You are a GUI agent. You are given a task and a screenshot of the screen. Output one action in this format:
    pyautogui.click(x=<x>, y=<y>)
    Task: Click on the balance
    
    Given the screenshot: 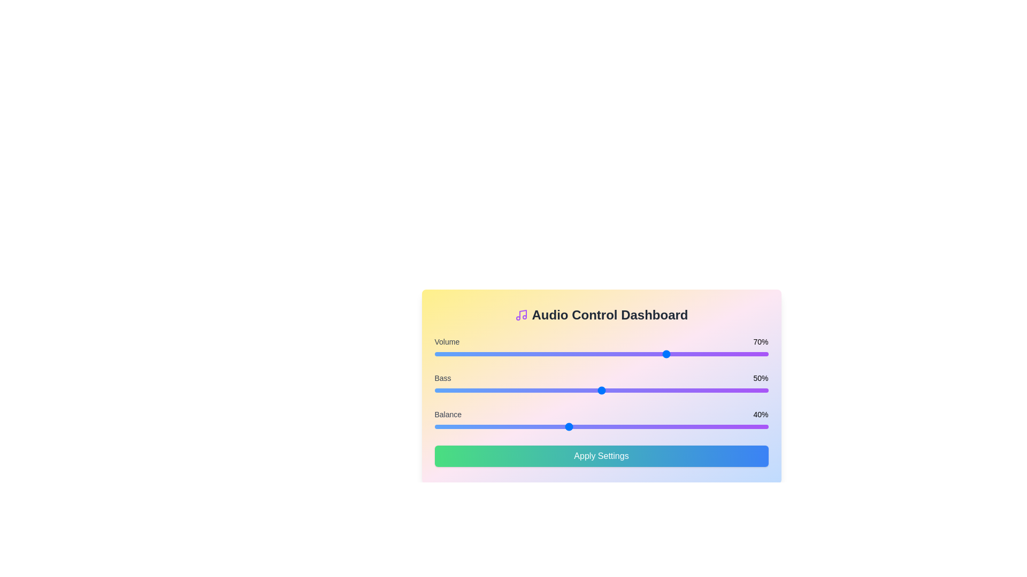 What is the action you would take?
    pyautogui.click(x=594, y=426)
    